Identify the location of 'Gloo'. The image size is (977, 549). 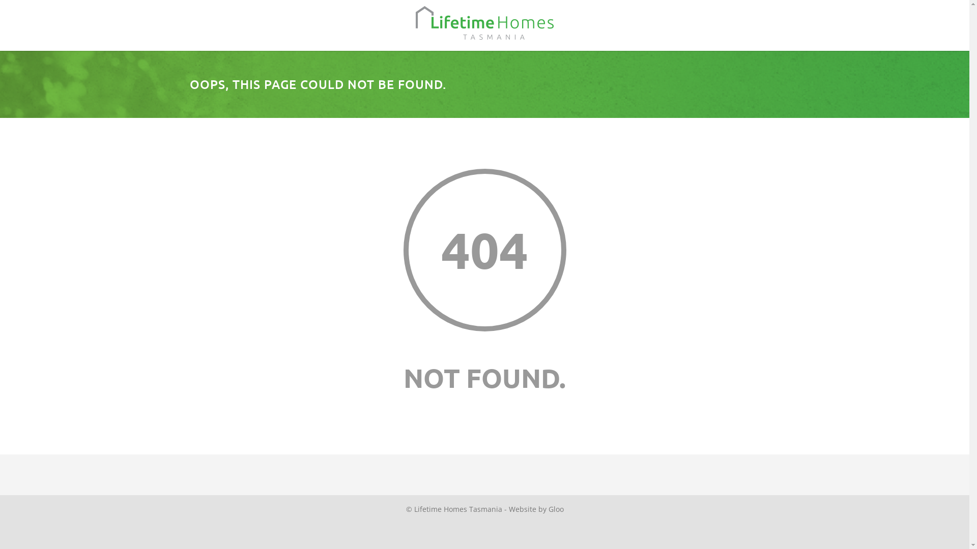
(548, 509).